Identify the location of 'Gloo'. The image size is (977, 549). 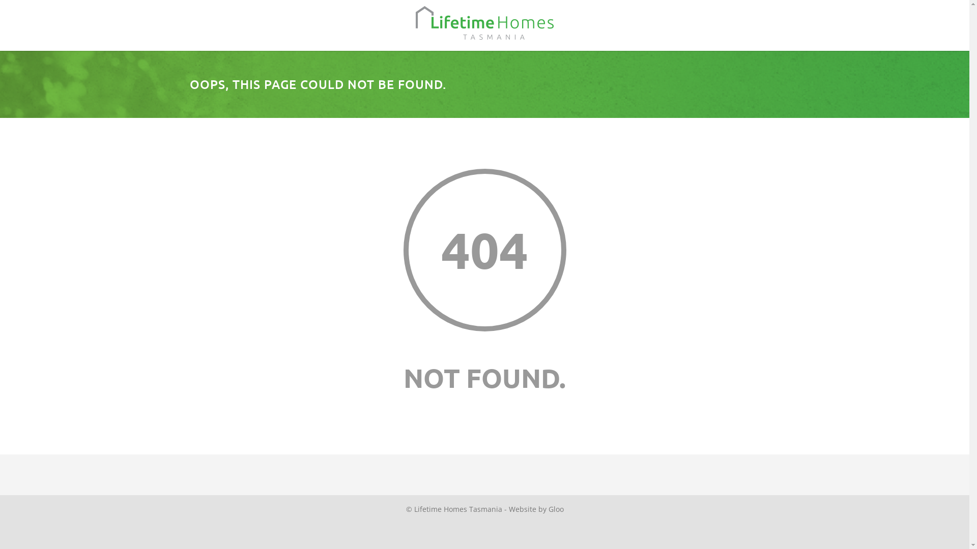
(548, 509).